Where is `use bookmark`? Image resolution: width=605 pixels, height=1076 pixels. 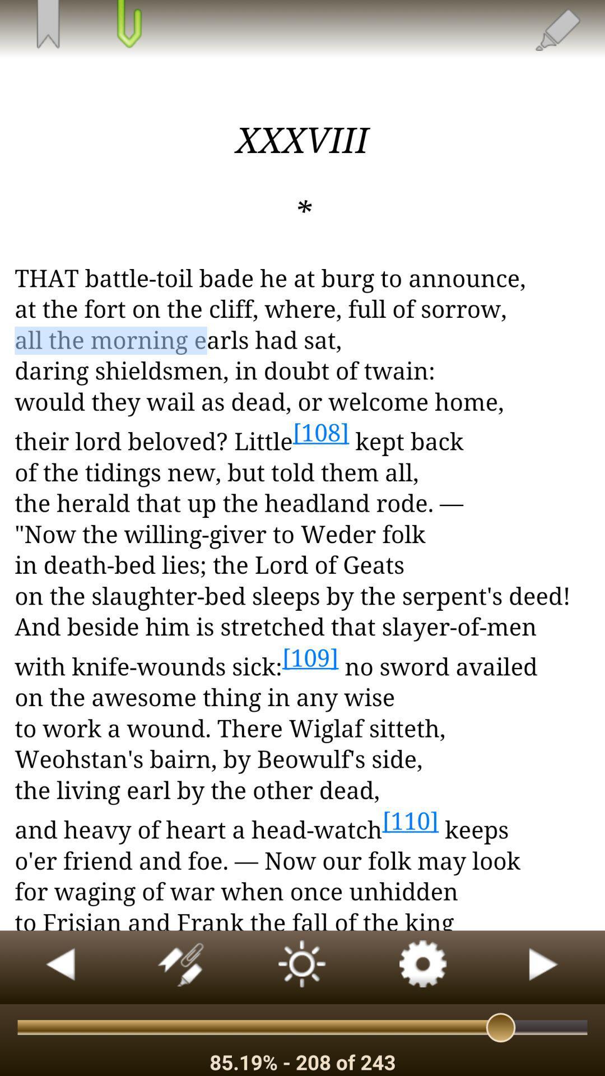 use bookmark is located at coordinates (47, 25).